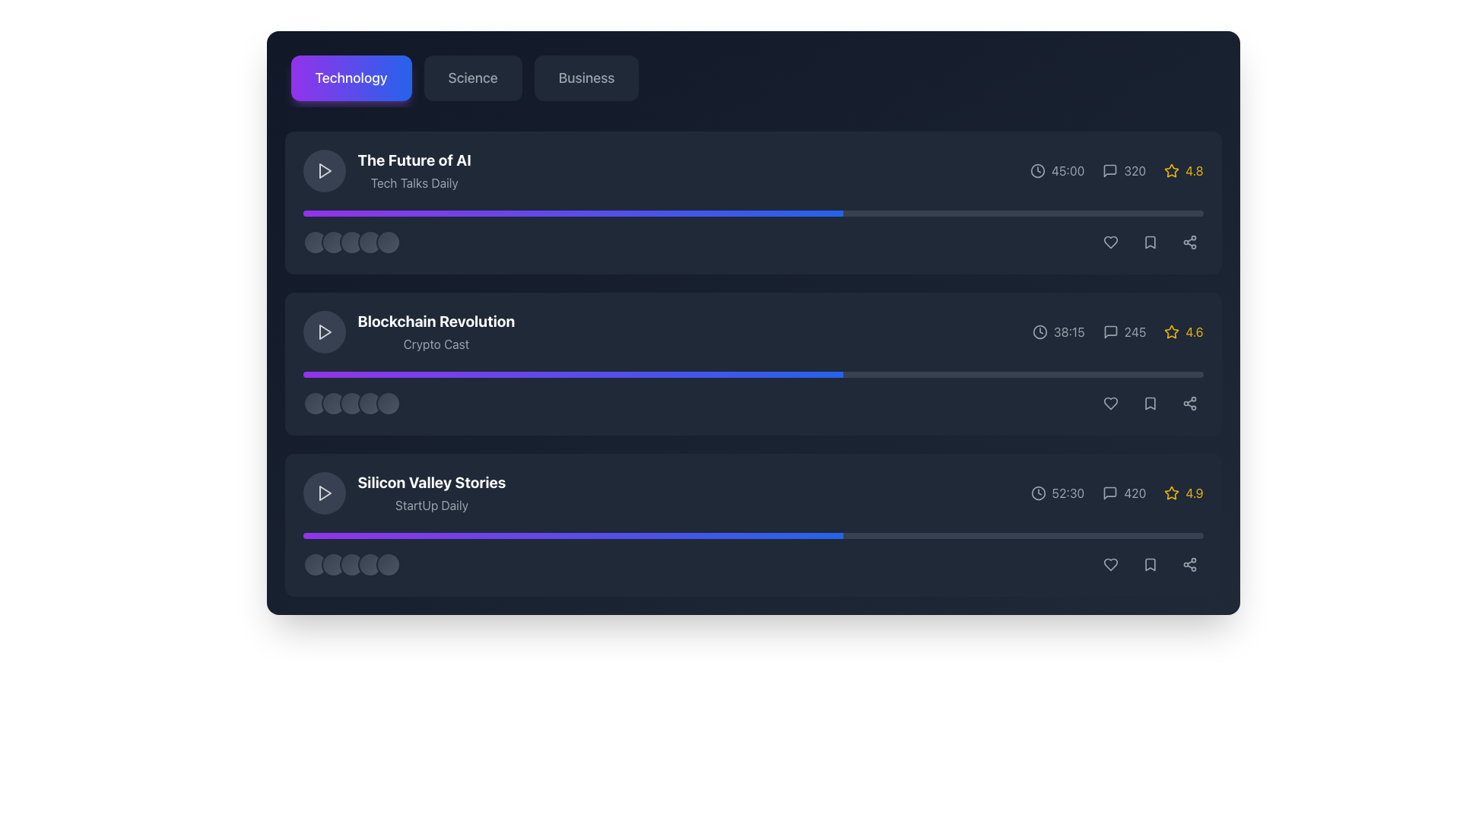  What do you see at coordinates (1135, 493) in the screenshot?
I see `text content of the comments indicator label located to the right of the average rating for the 'Silicon Valley Stories' section` at bounding box center [1135, 493].